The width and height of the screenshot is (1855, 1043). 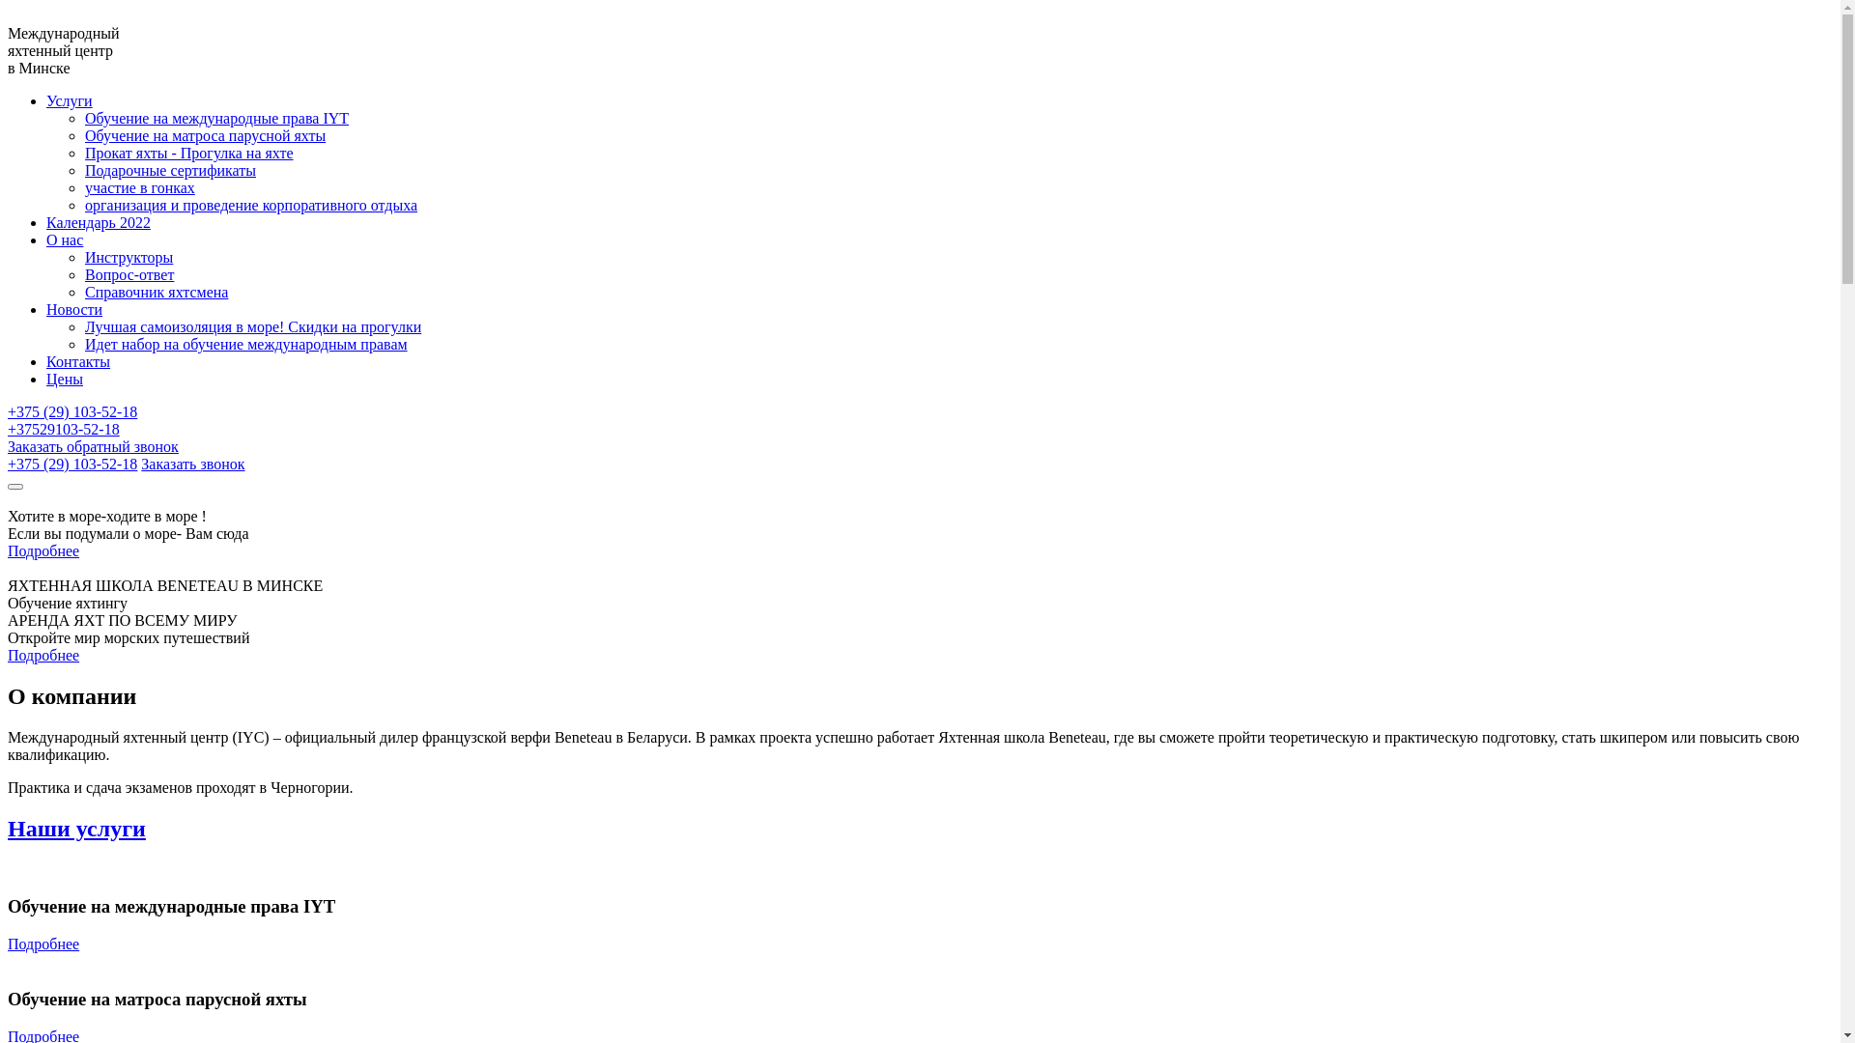 What do you see at coordinates (64, 428) in the screenshot?
I see `'+37529103-52-18'` at bounding box center [64, 428].